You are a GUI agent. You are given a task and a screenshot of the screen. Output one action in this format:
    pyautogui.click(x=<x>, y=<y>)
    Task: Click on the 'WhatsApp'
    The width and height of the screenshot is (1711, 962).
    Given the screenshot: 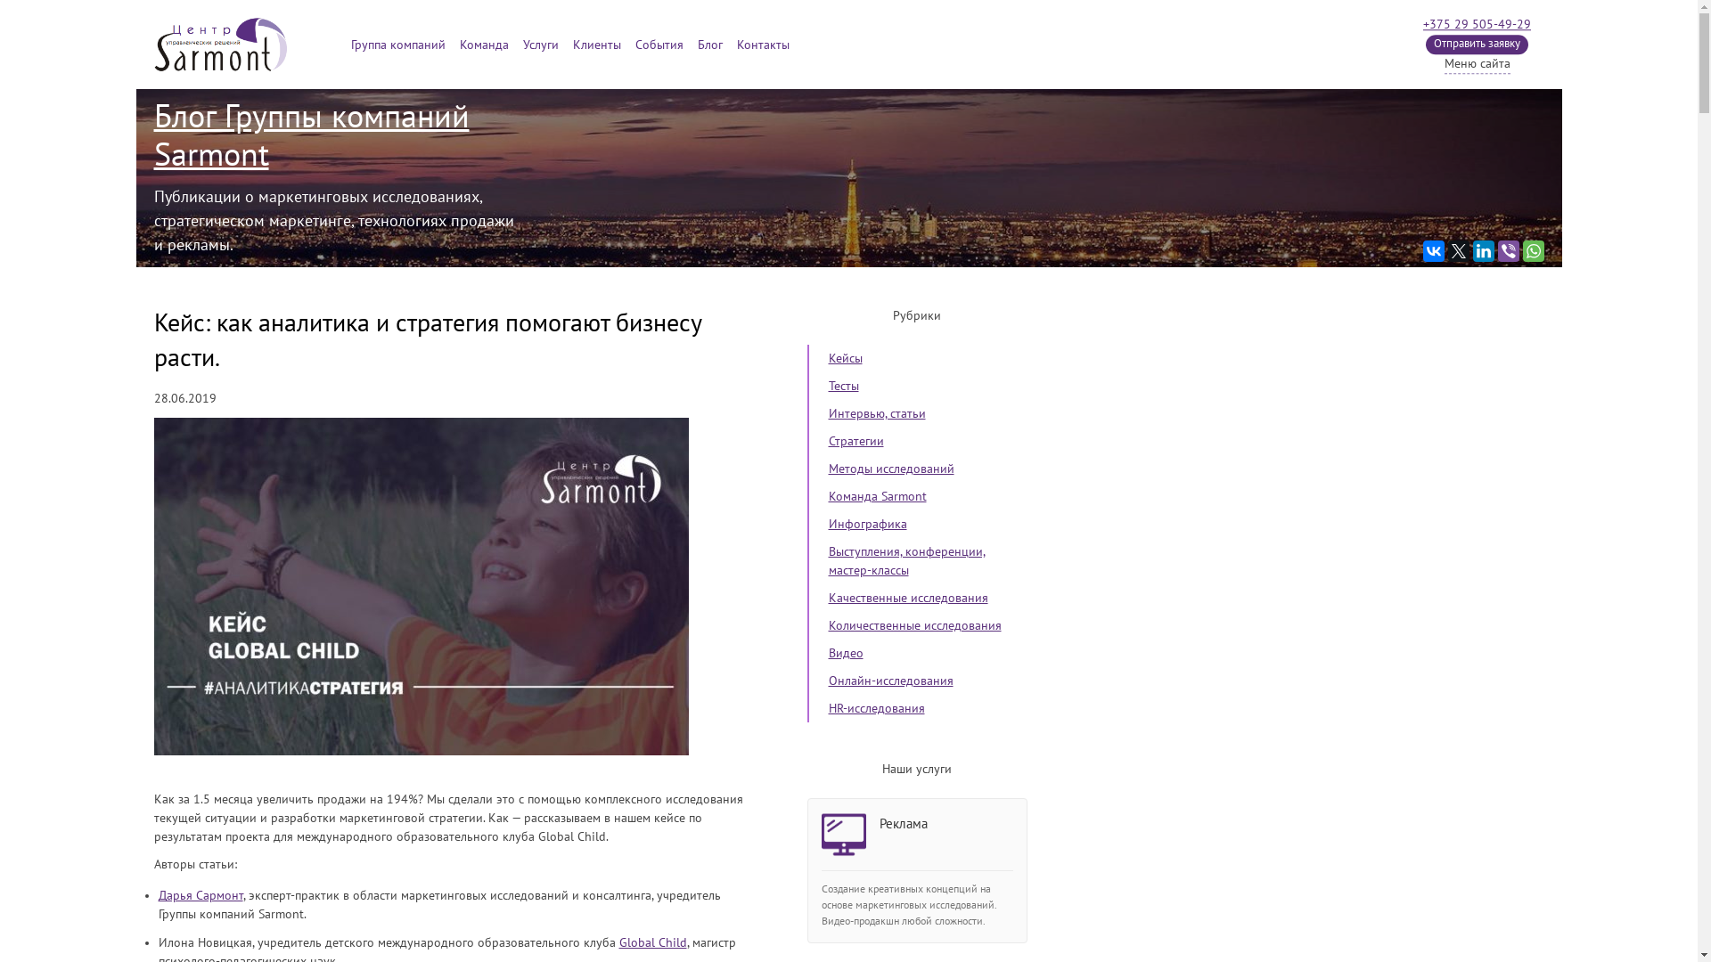 What is the action you would take?
    pyautogui.click(x=1531, y=250)
    